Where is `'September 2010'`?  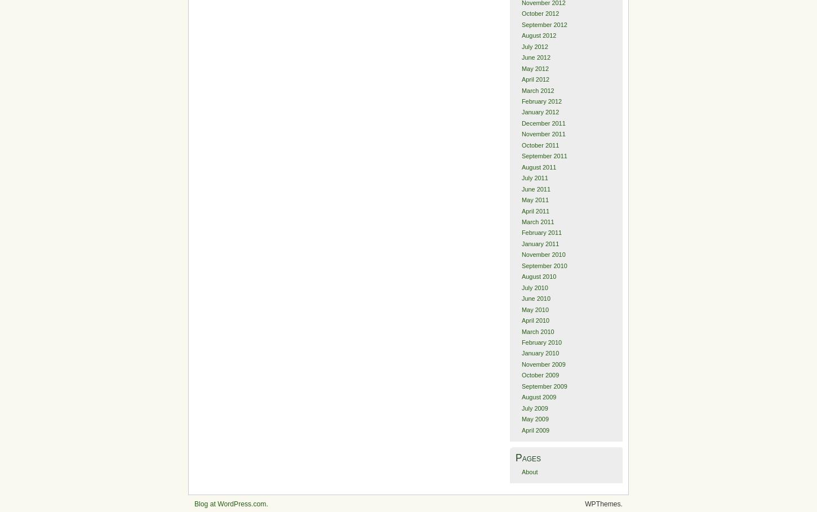
'September 2010' is located at coordinates (543, 265).